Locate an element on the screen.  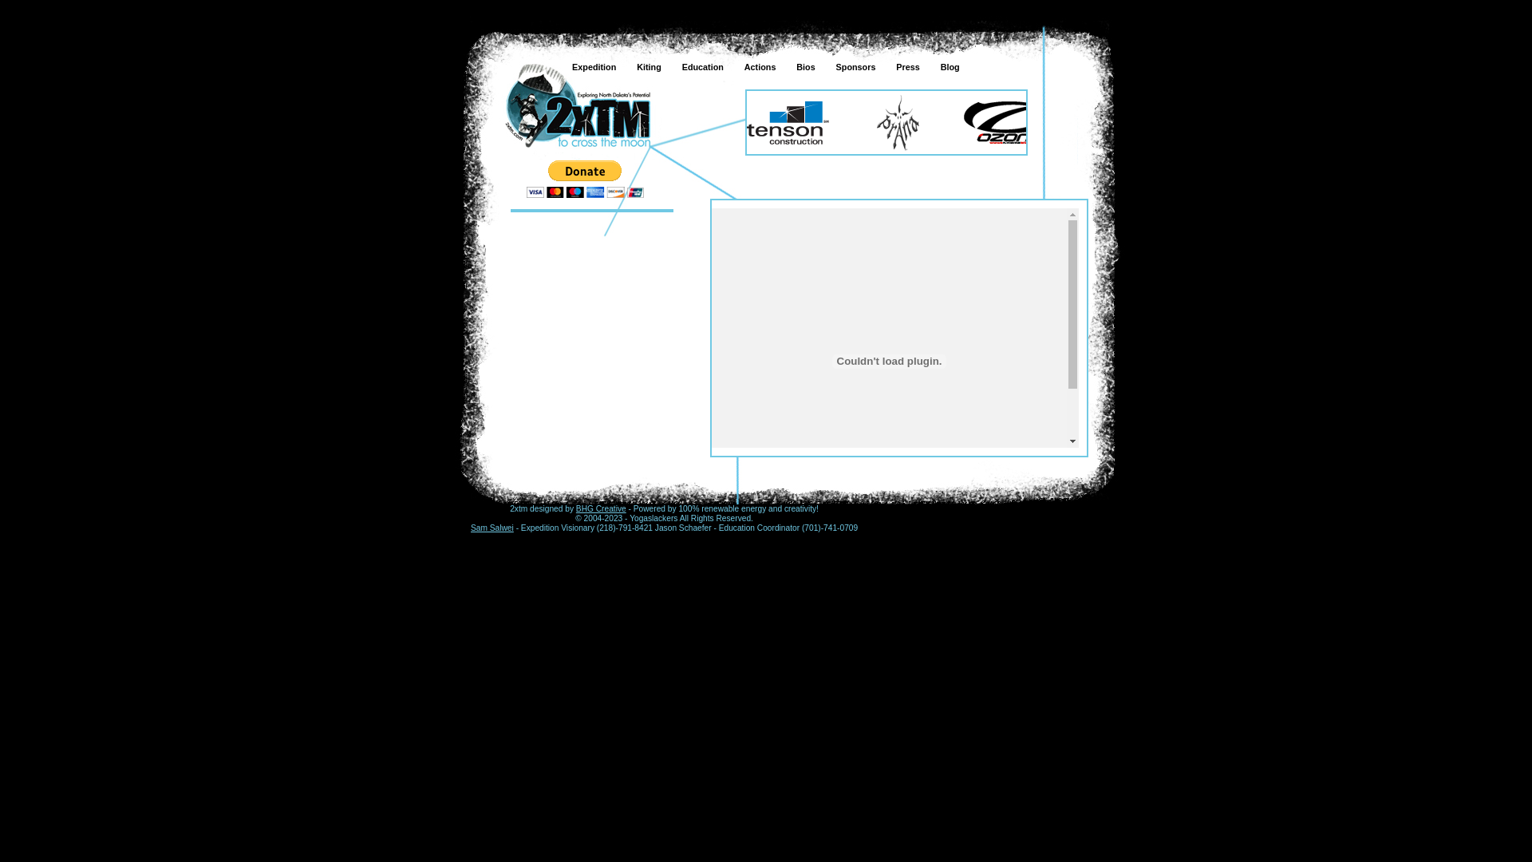
'Expedition' is located at coordinates (559, 66).